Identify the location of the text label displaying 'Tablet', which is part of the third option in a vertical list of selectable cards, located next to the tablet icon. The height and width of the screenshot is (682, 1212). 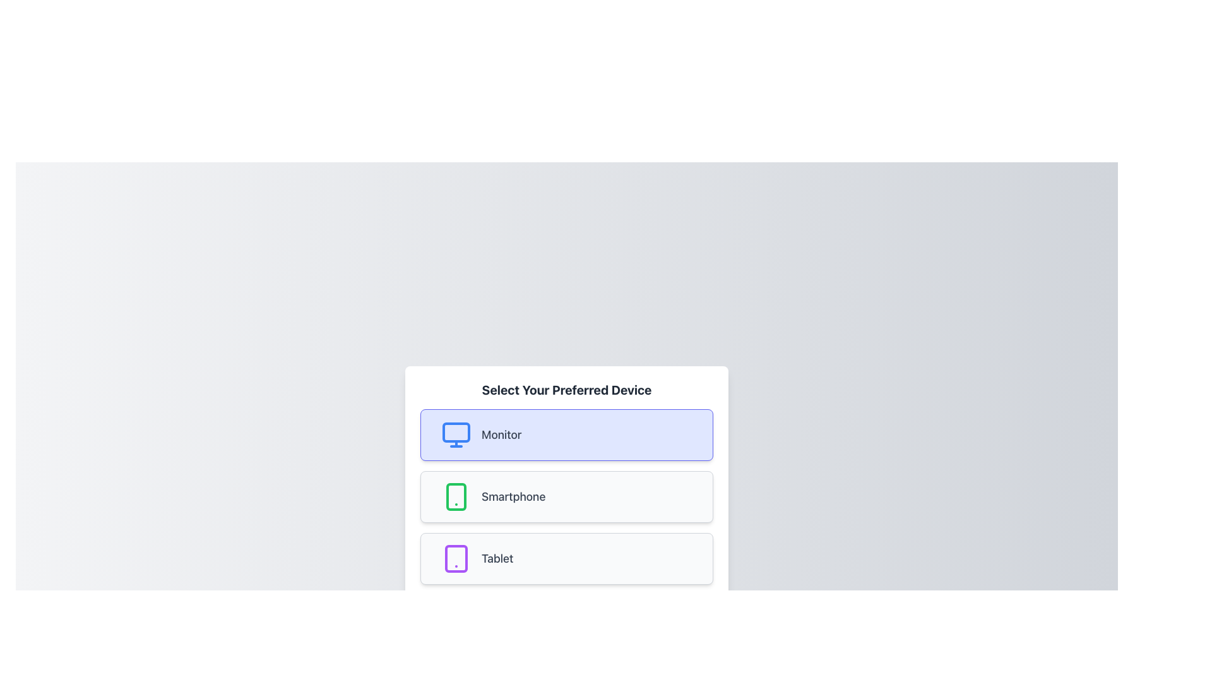
(497, 558).